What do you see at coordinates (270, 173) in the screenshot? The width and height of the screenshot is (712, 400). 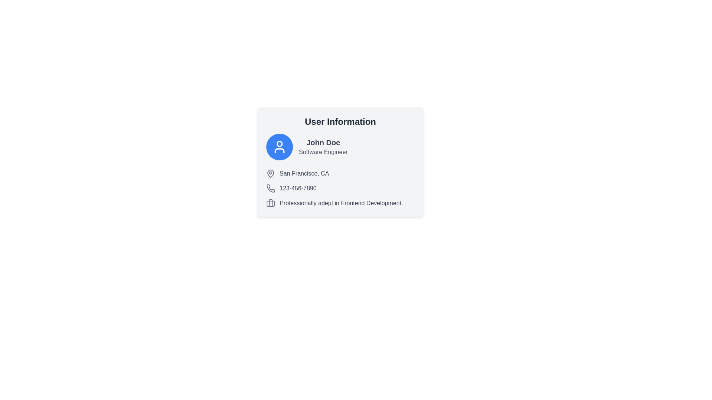 I see `gray map pin icon located adjacent to the text 'San Francisco, CA' within the user information card` at bounding box center [270, 173].